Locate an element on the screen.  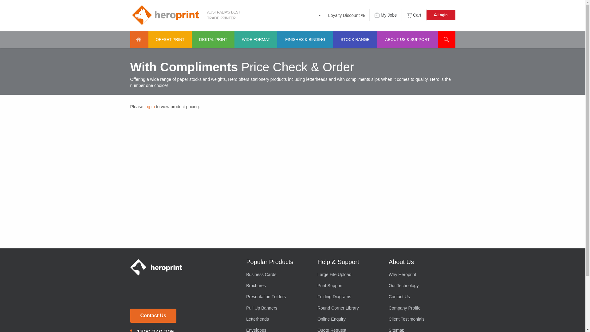
'Large File Upload' is located at coordinates (348, 274).